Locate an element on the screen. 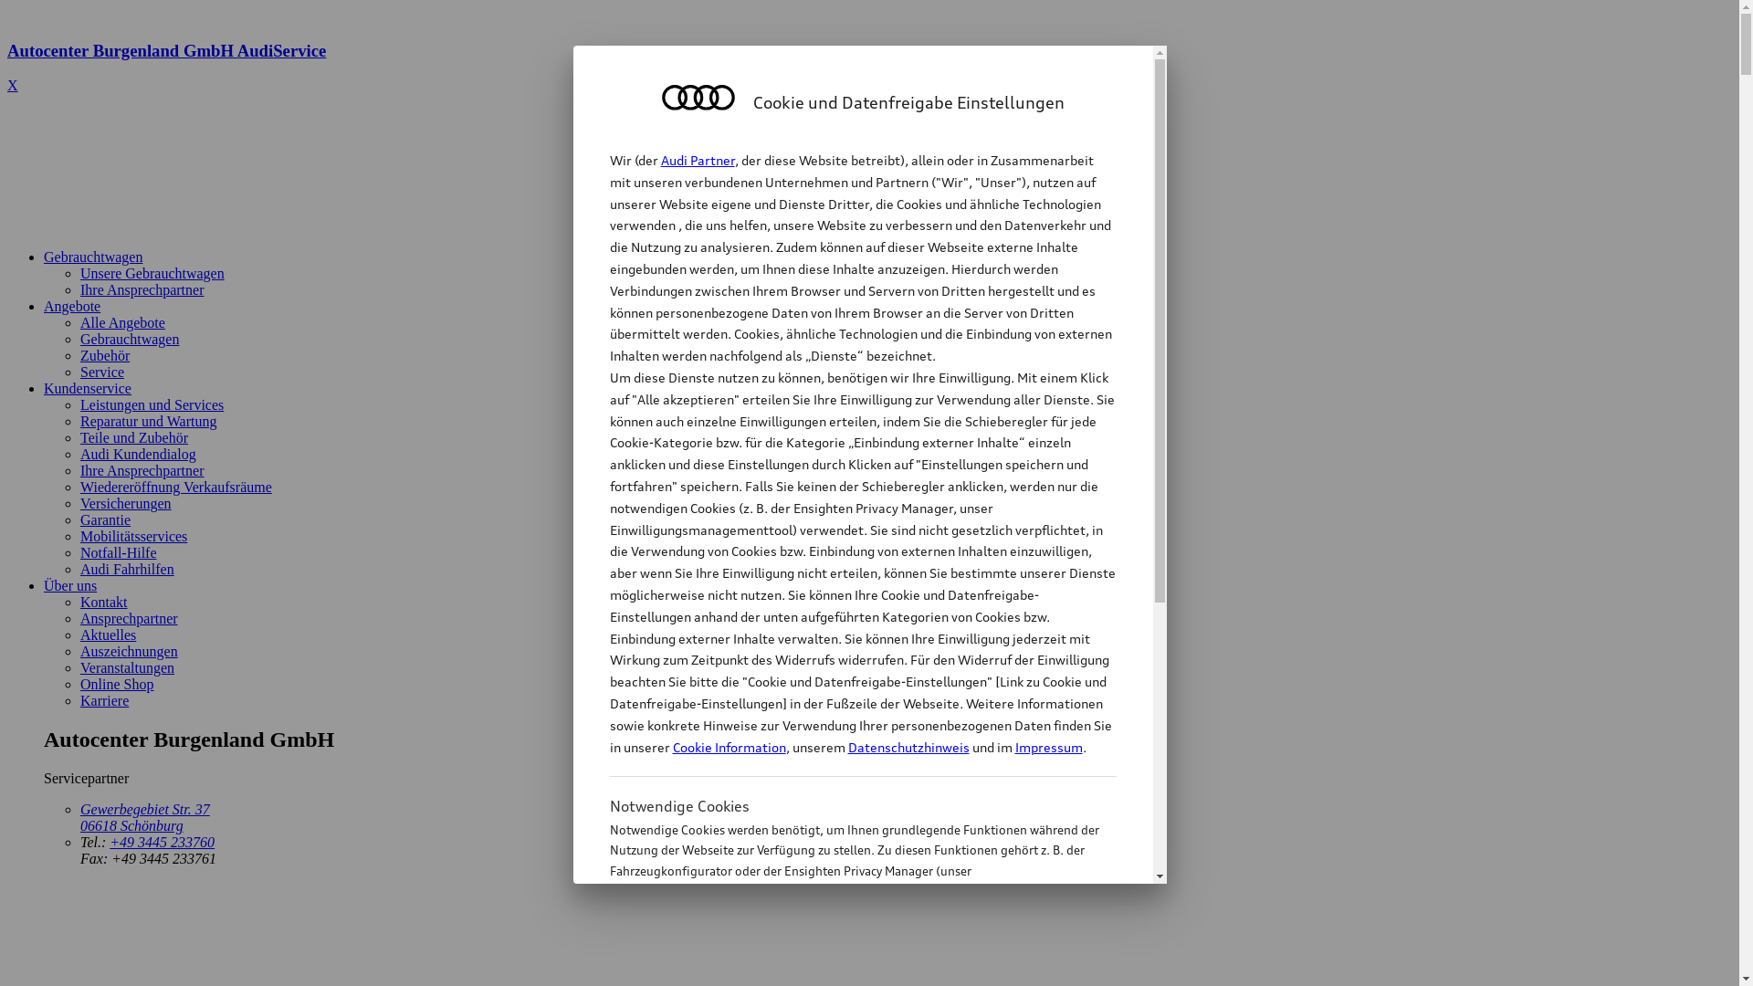 This screenshot has width=1753, height=986. 'Gebrauchtwagen' is located at coordinates (79, 339).